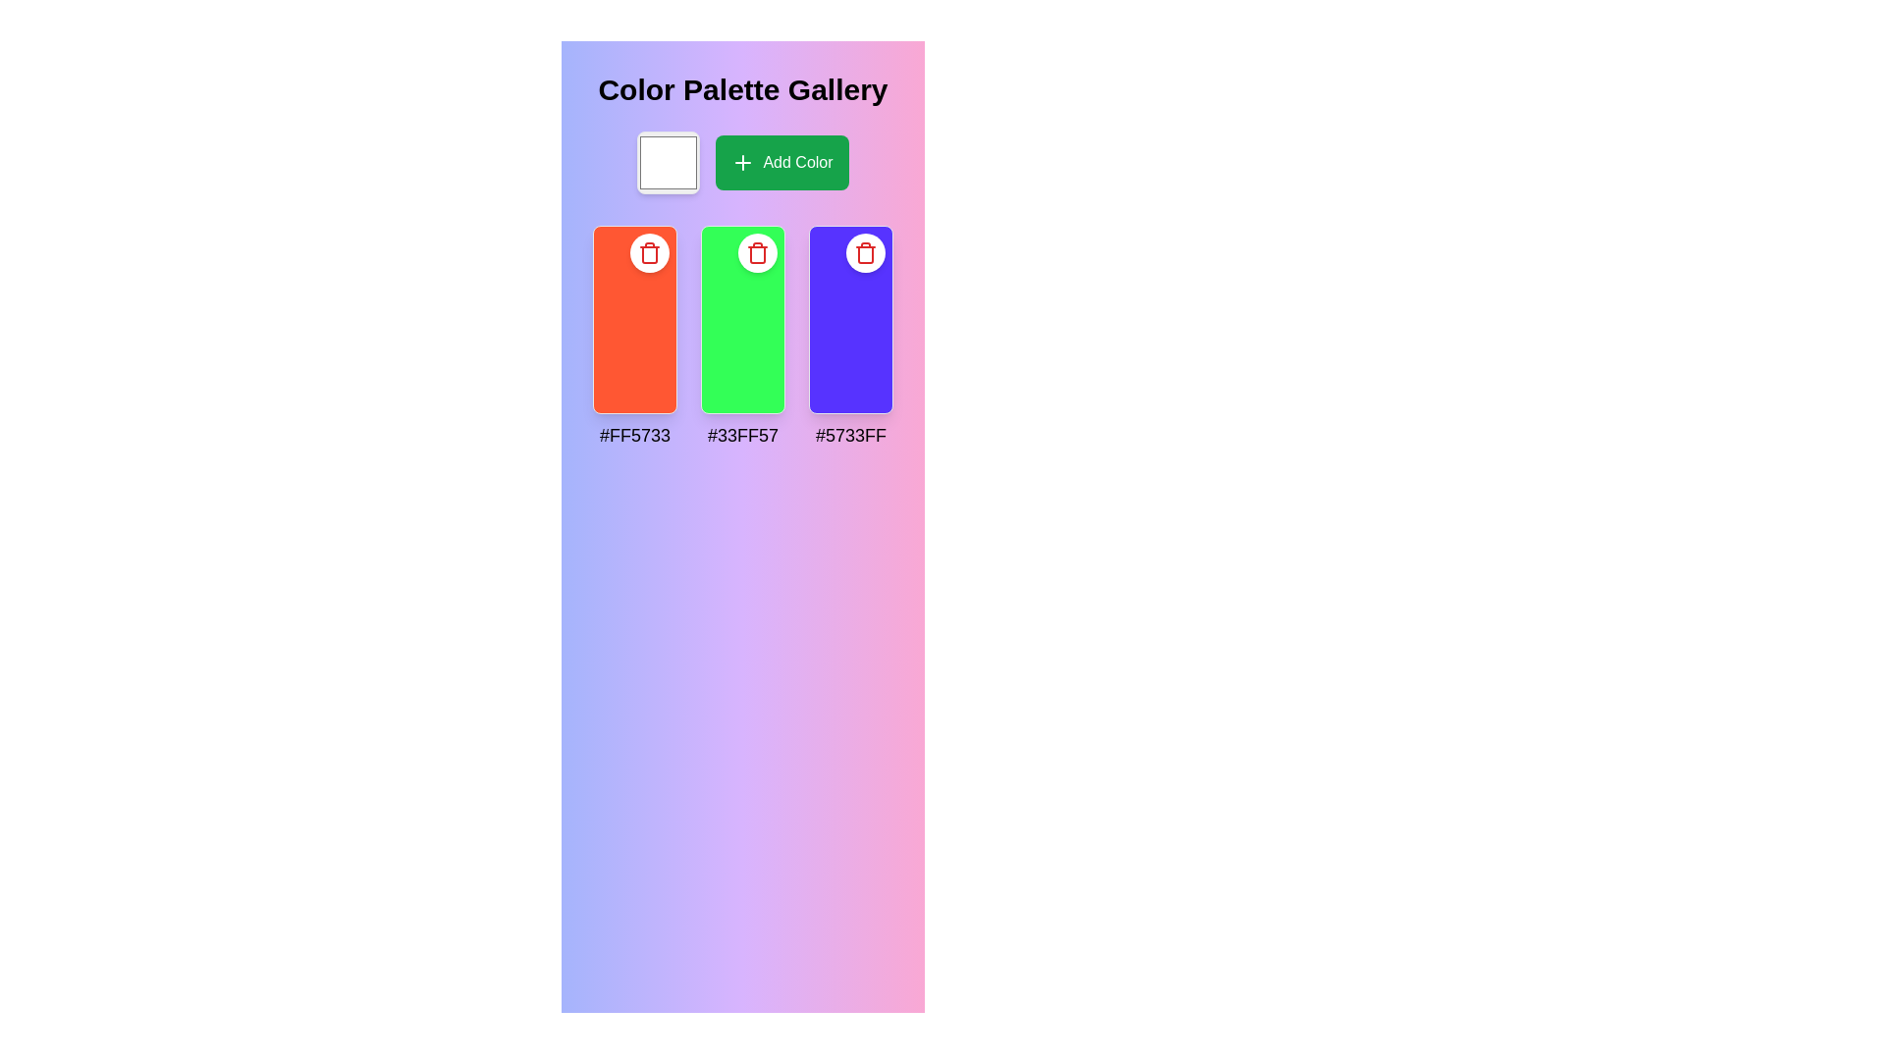 The width and height of the screenshot is (1885, 1060). I want to click on the color swatch representing white, so click(669, 161).